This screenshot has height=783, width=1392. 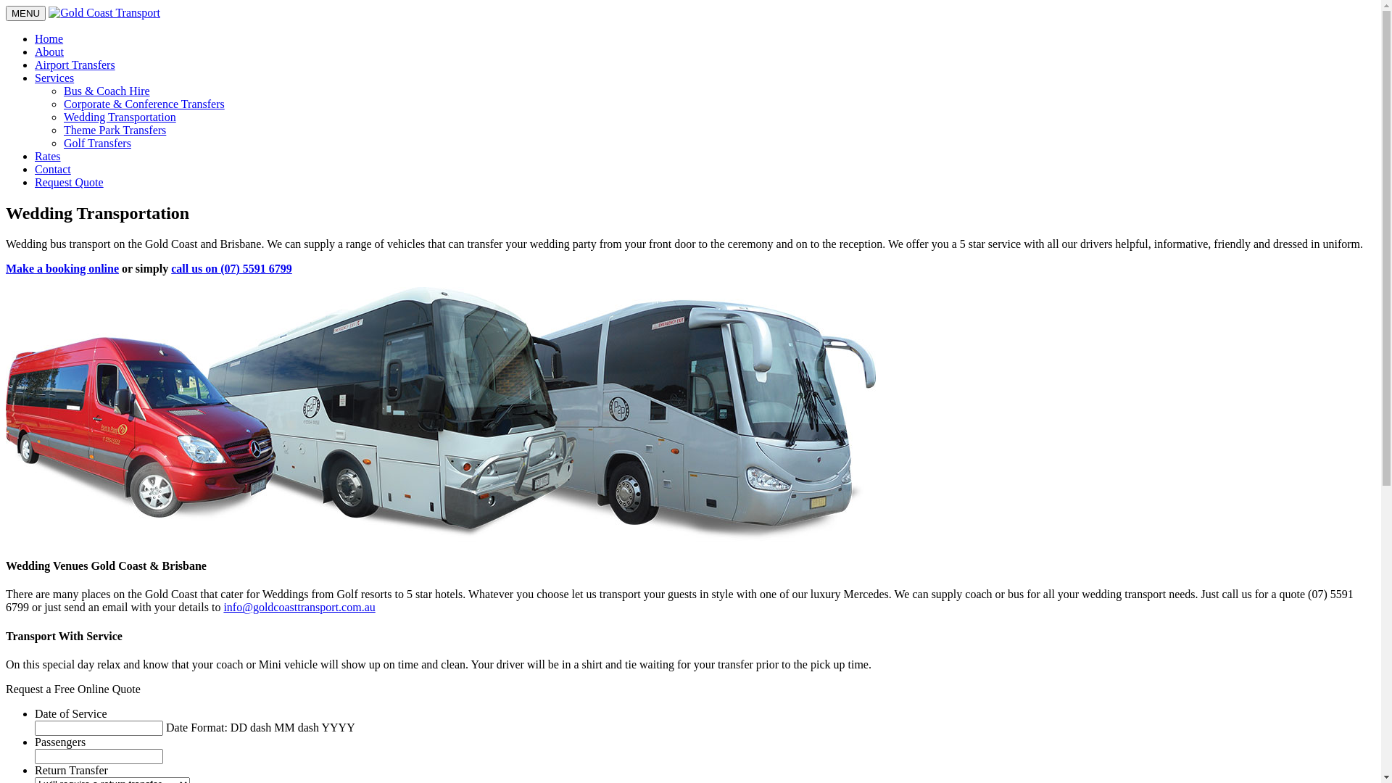 What do you see at coordinates (54, 78) in the screenshot?
I see `'Services'` at bounding box center [54, 78].